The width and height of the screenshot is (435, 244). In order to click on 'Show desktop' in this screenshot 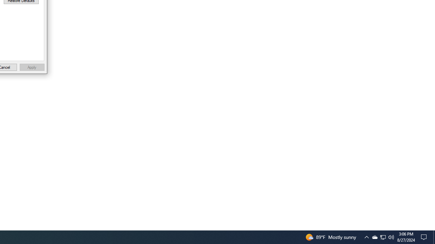, I will do `click(434, 237)`.